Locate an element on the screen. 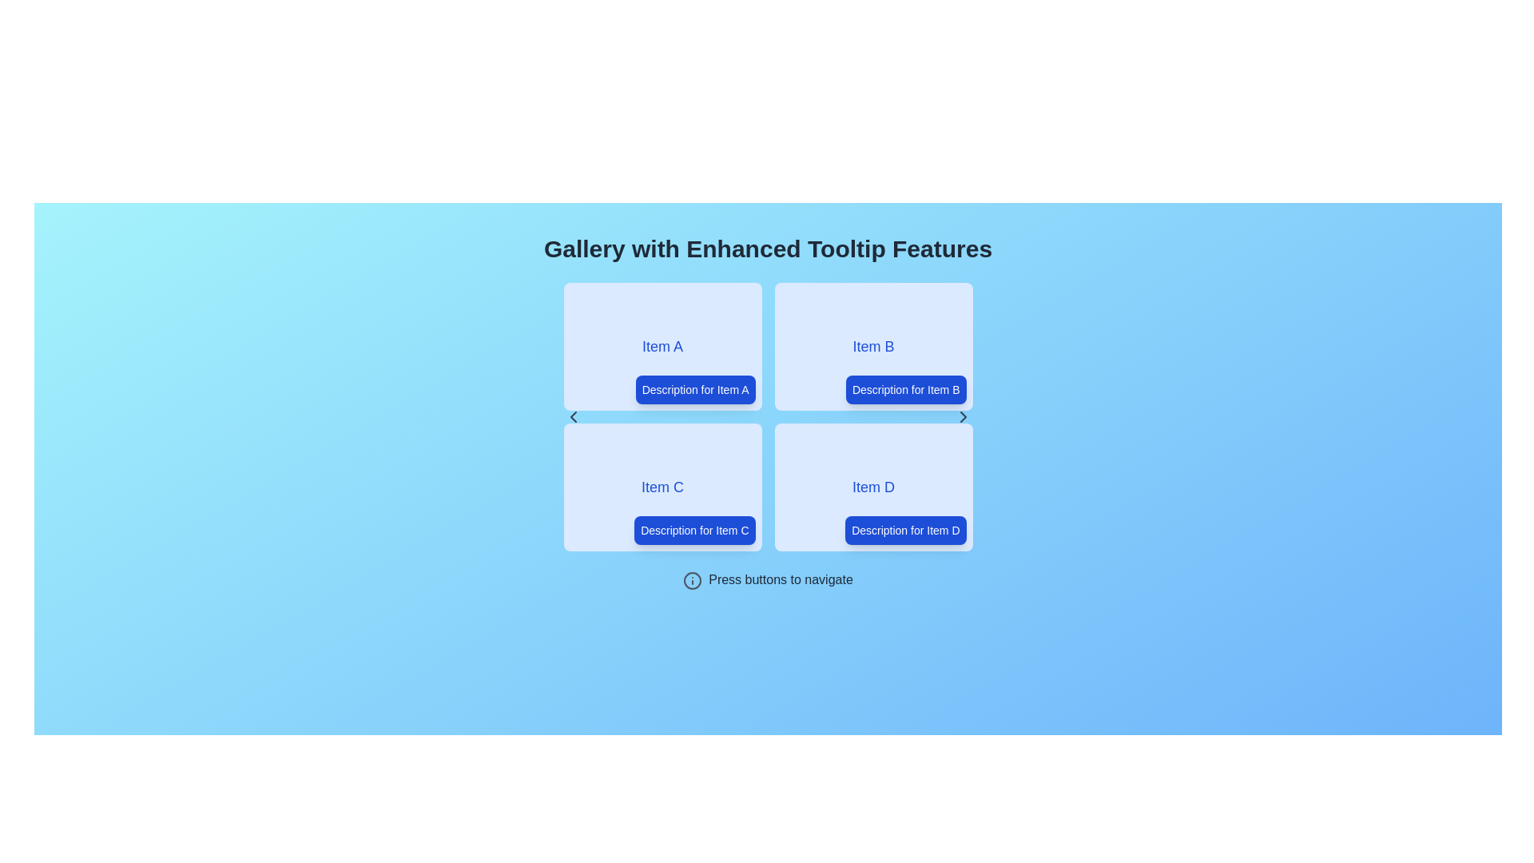  the Circular SVG element located near the bottom area of the interface, which serves as a visual indicator or icon for specific functionality is located at coordinates (693, 580).